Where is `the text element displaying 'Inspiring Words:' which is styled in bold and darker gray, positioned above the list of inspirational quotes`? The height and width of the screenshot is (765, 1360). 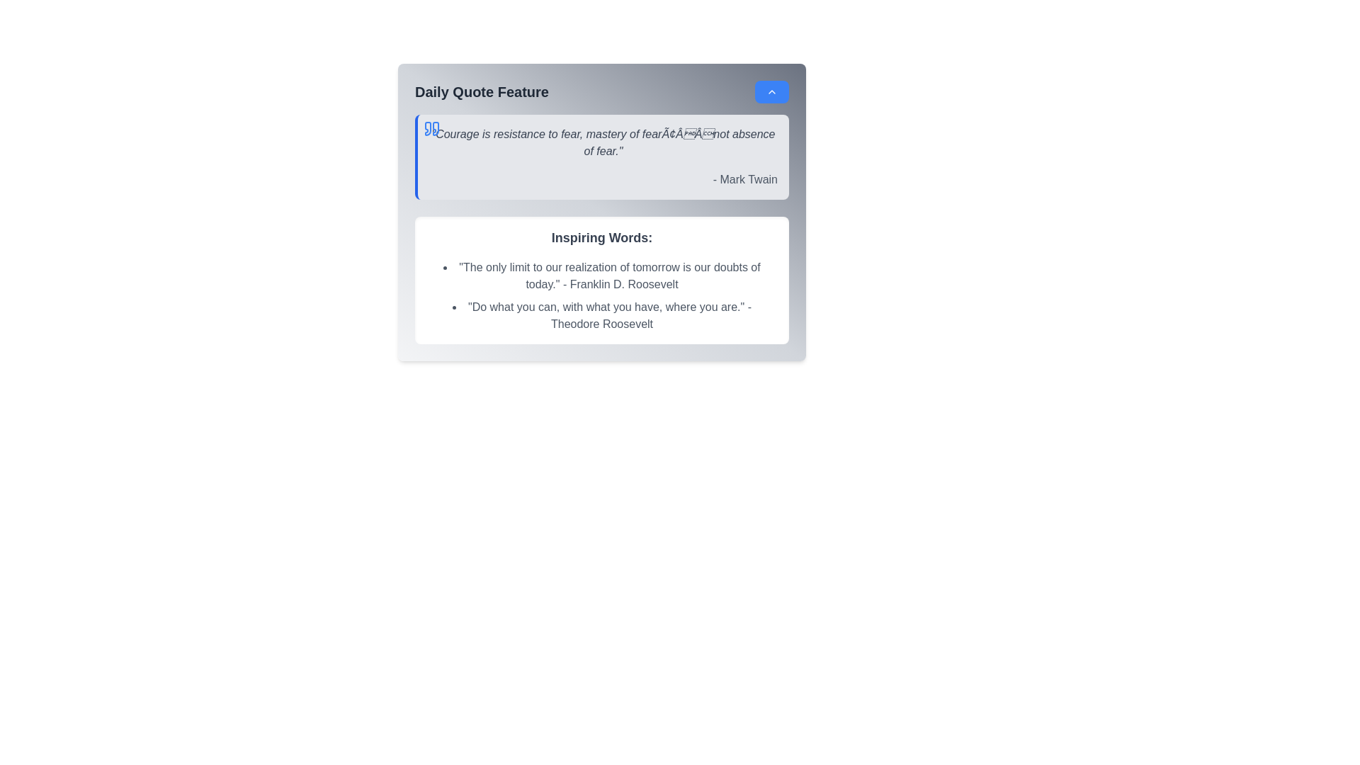
the text element displaying 'Inspiring Words:' which is styled in bold and darker gray, positioned above the list of inspirational quotes is located at coordinates (601, 237).